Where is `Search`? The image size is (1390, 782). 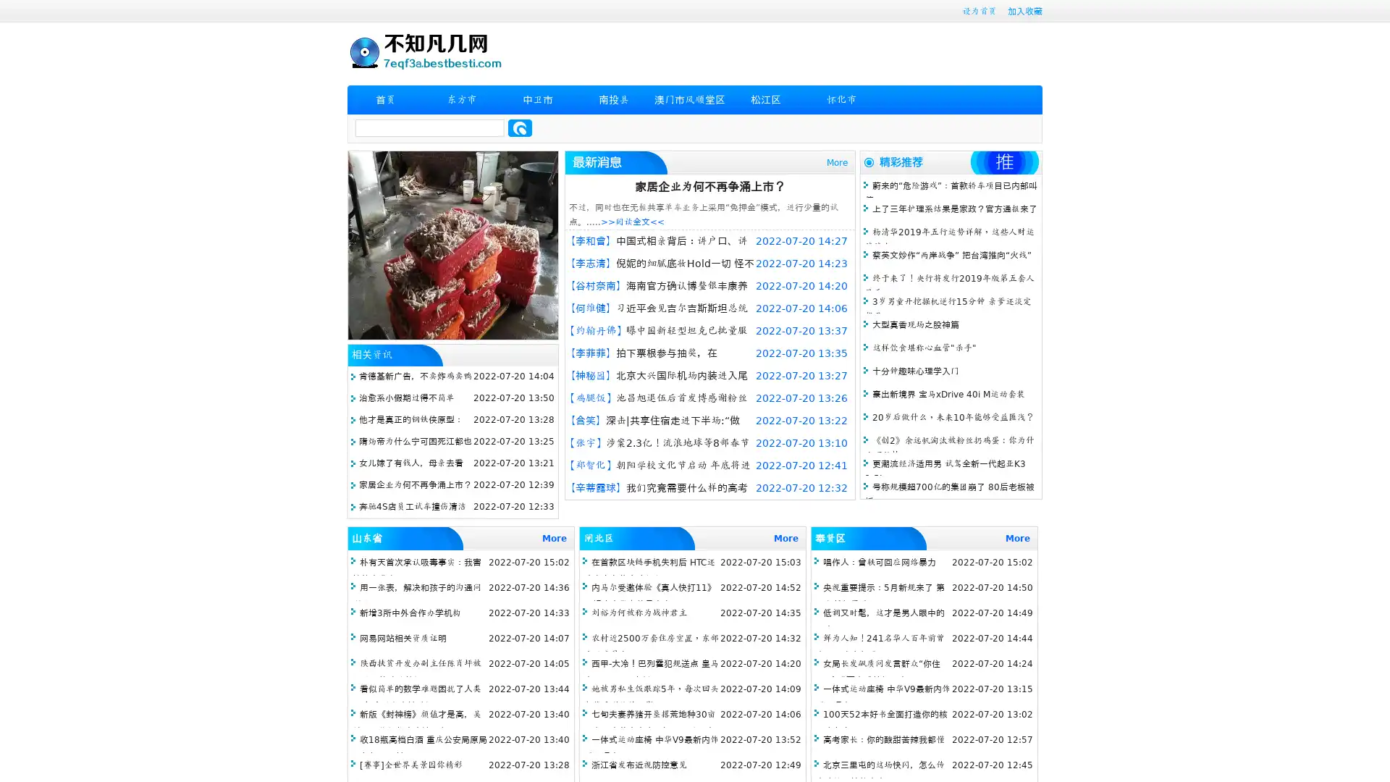
Search is located at coordinates (520, 127).